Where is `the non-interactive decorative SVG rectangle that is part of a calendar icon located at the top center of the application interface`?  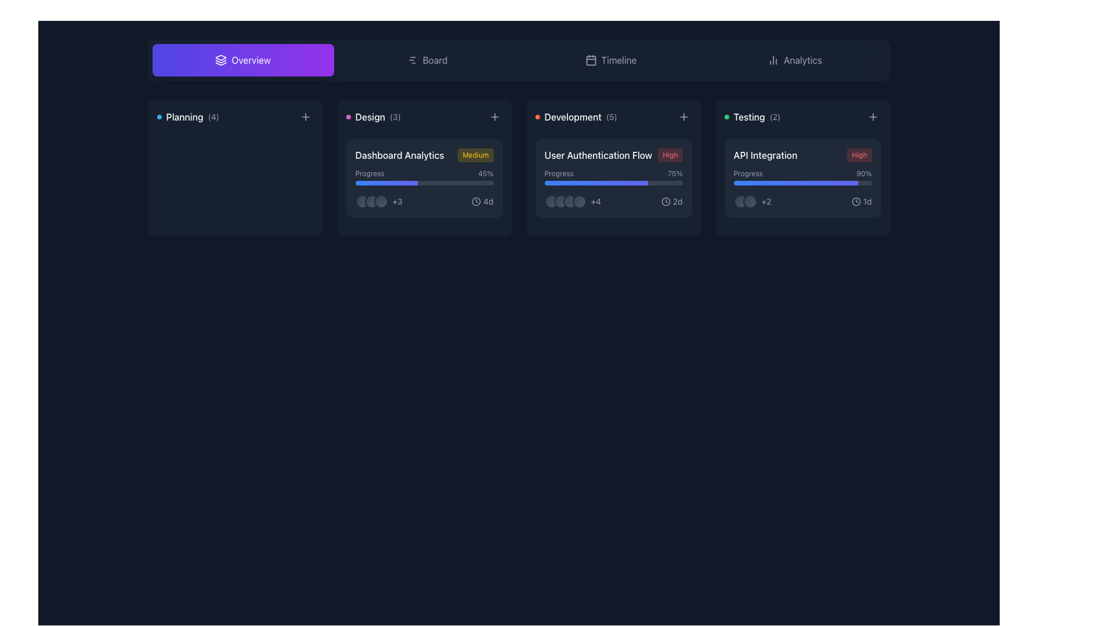
the non-interactive decorative SVG rectangle that is part of a calendar icon located at the top center of the application interface is located at coordinates (591, 60).